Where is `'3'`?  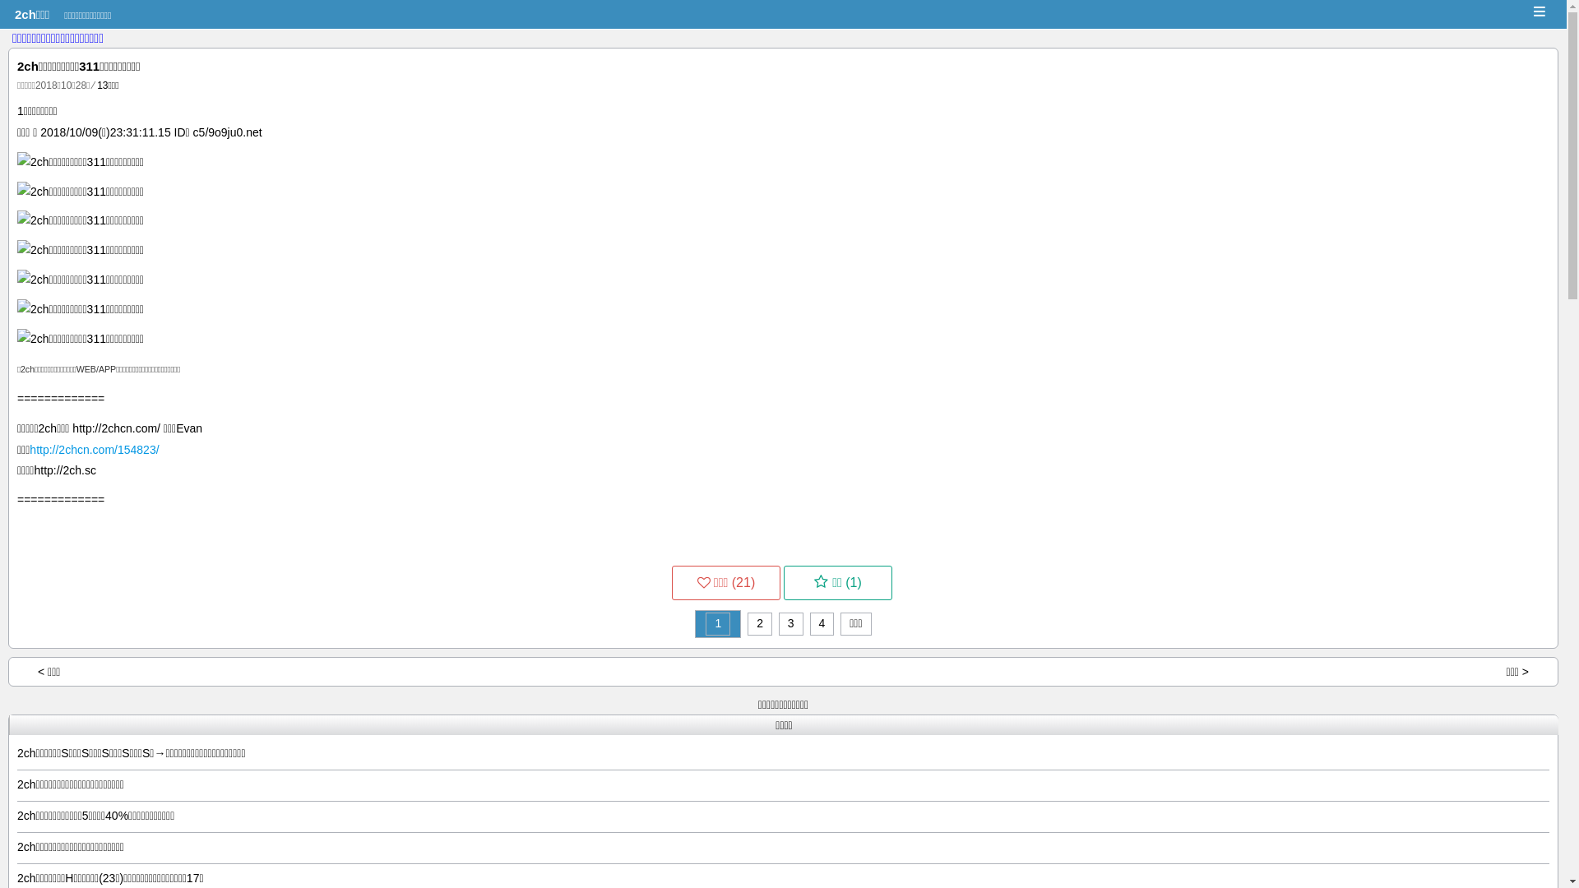 '3' is located at coordinates (790, 623).